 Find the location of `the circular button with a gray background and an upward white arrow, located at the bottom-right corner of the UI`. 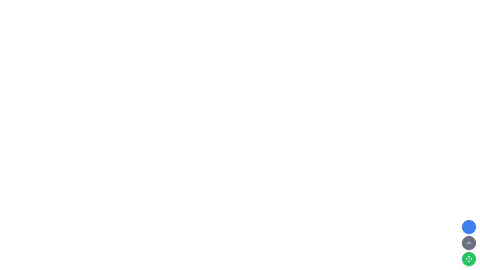

the circular button with a gray background and an upward white arrow, located at the bottom-right corner of the UI is located at coordinates (469, 243).